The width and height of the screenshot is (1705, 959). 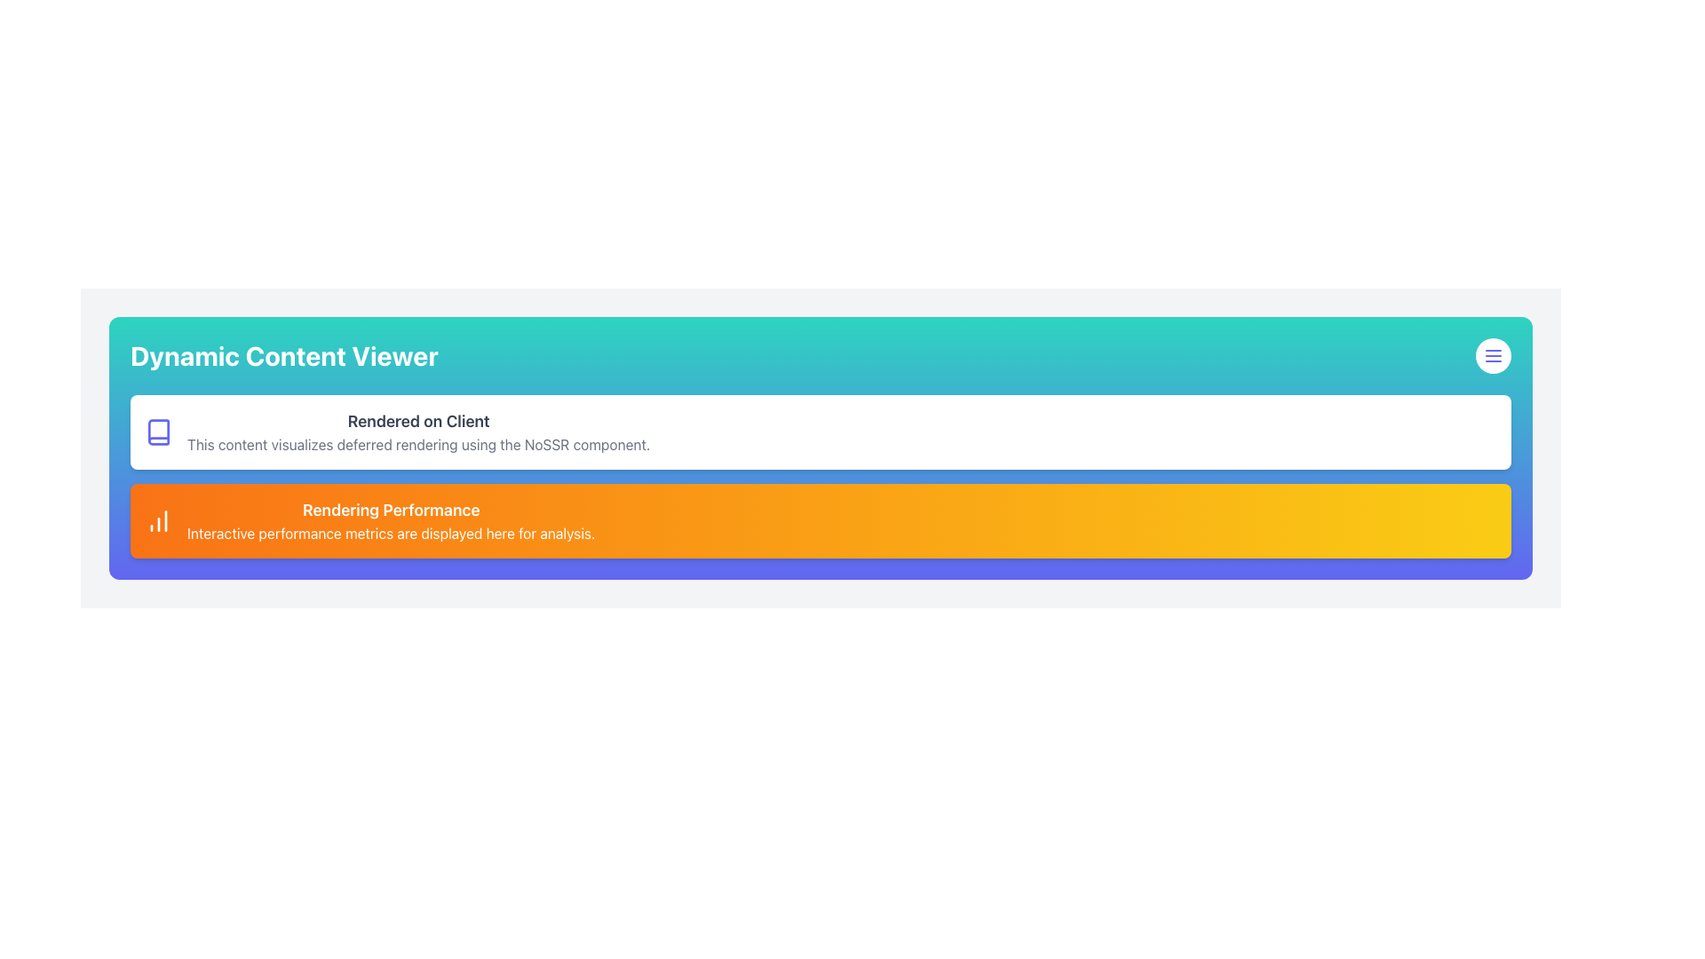 What do you see at coordinates (1492, 356) in the screenshot?
I see `the menu button located in the top-right corner of the 'Dynamic Content Viewer' section` at bounding box center [1492, 356].